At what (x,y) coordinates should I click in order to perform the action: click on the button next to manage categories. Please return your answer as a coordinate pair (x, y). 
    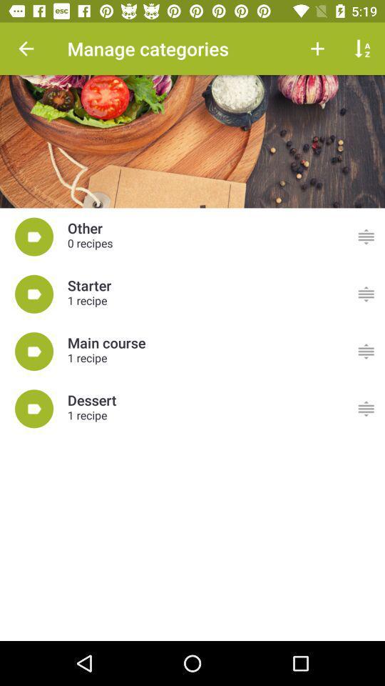
    Looking at the image, I should click on (317, 49).